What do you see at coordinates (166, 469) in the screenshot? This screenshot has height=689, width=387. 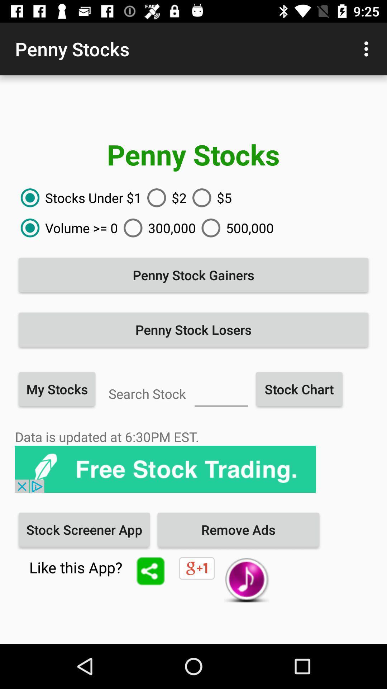 I see `it is an advertisement for stock trading` at bounding box center [166, 469].